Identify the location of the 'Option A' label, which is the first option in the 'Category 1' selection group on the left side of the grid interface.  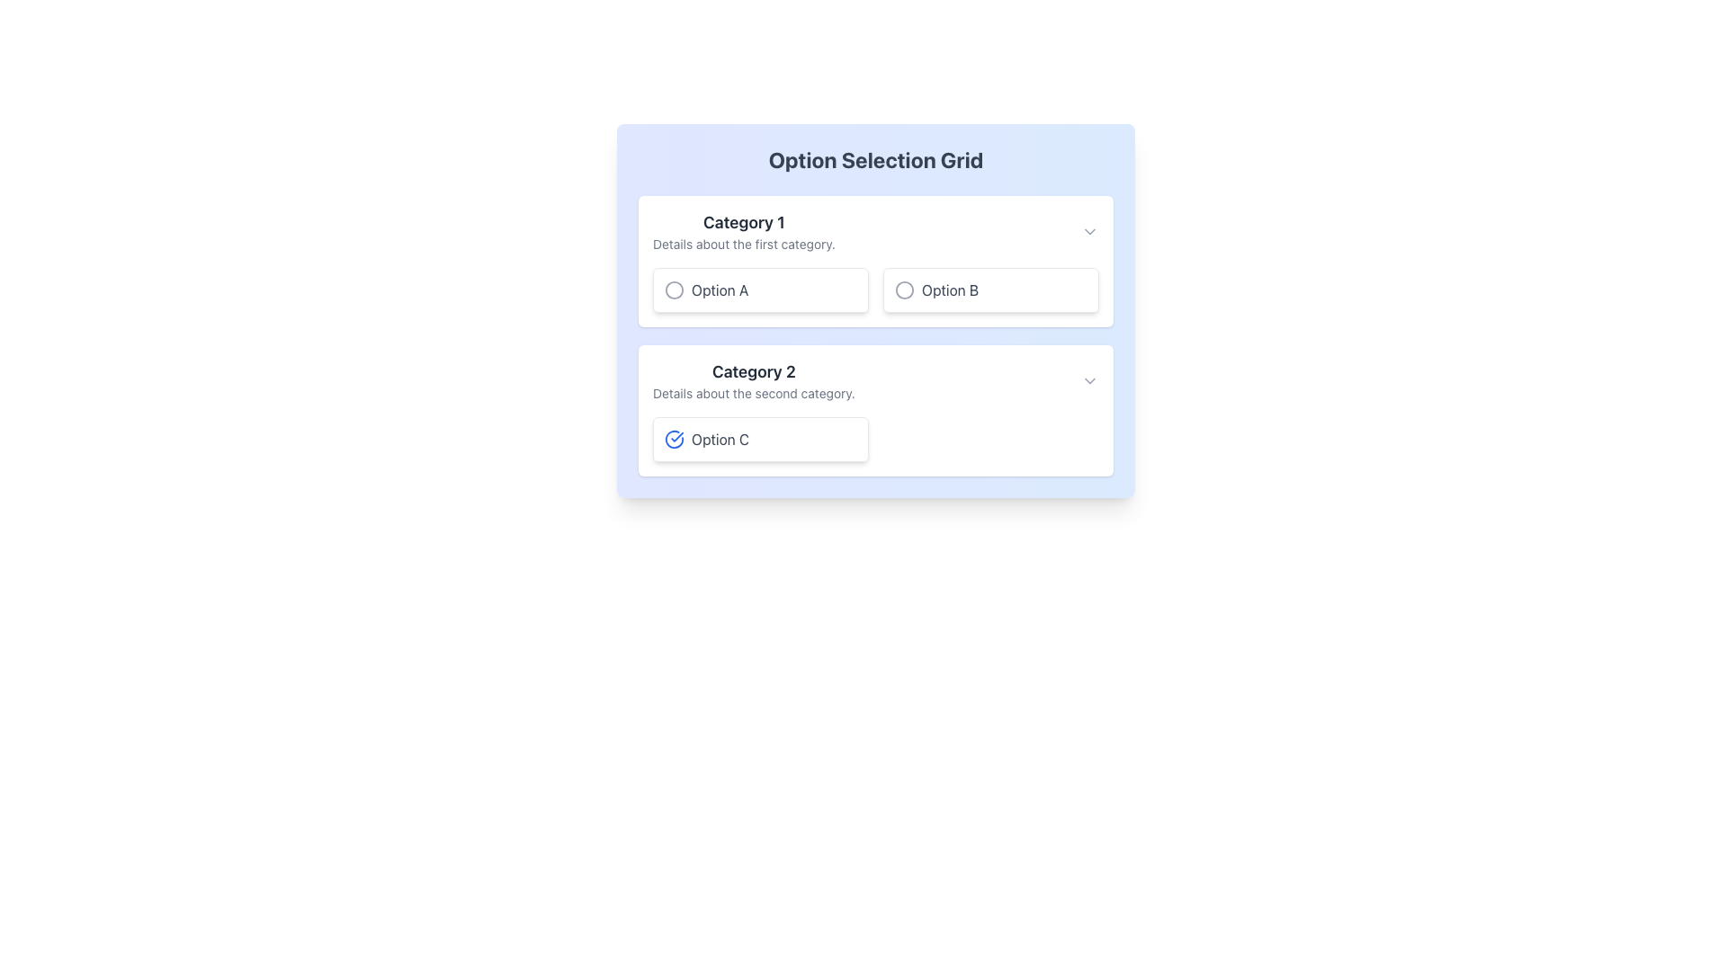
(720, 290).